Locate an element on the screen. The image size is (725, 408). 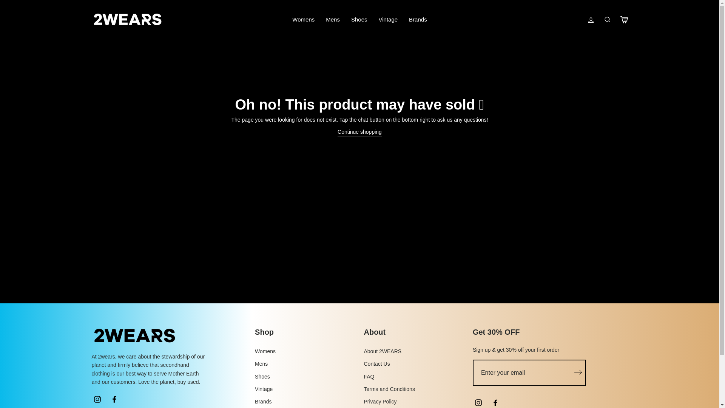
'Search' is located at coordinates (607, 19).